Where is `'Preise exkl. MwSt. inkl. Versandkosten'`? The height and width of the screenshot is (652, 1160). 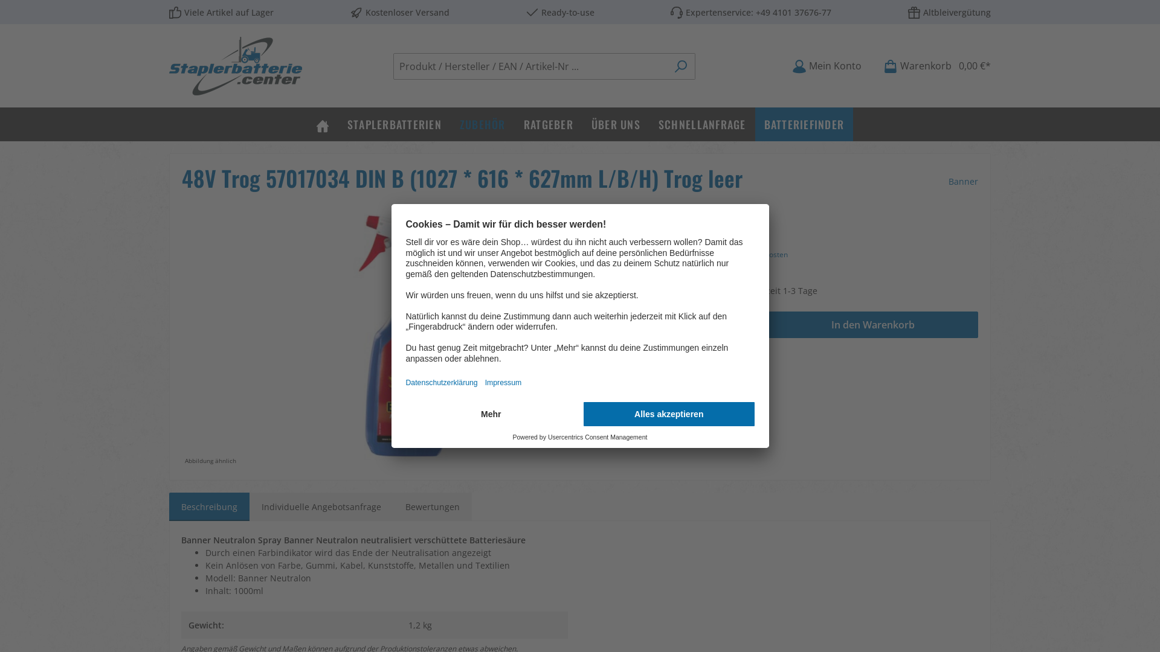 'Preise exkl. MwSt. inkl. Versandkosten' is located at coordinates (724, 254).